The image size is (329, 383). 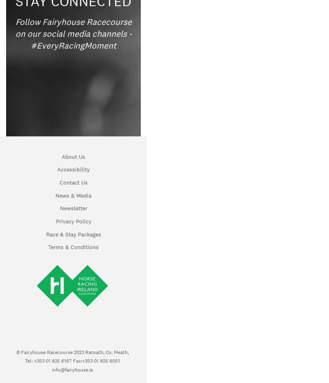 I want to click on 'Follow Fairyhouse Racecourse on our social media channels - #EveryRacingMoment', so click(x=73, y=33).